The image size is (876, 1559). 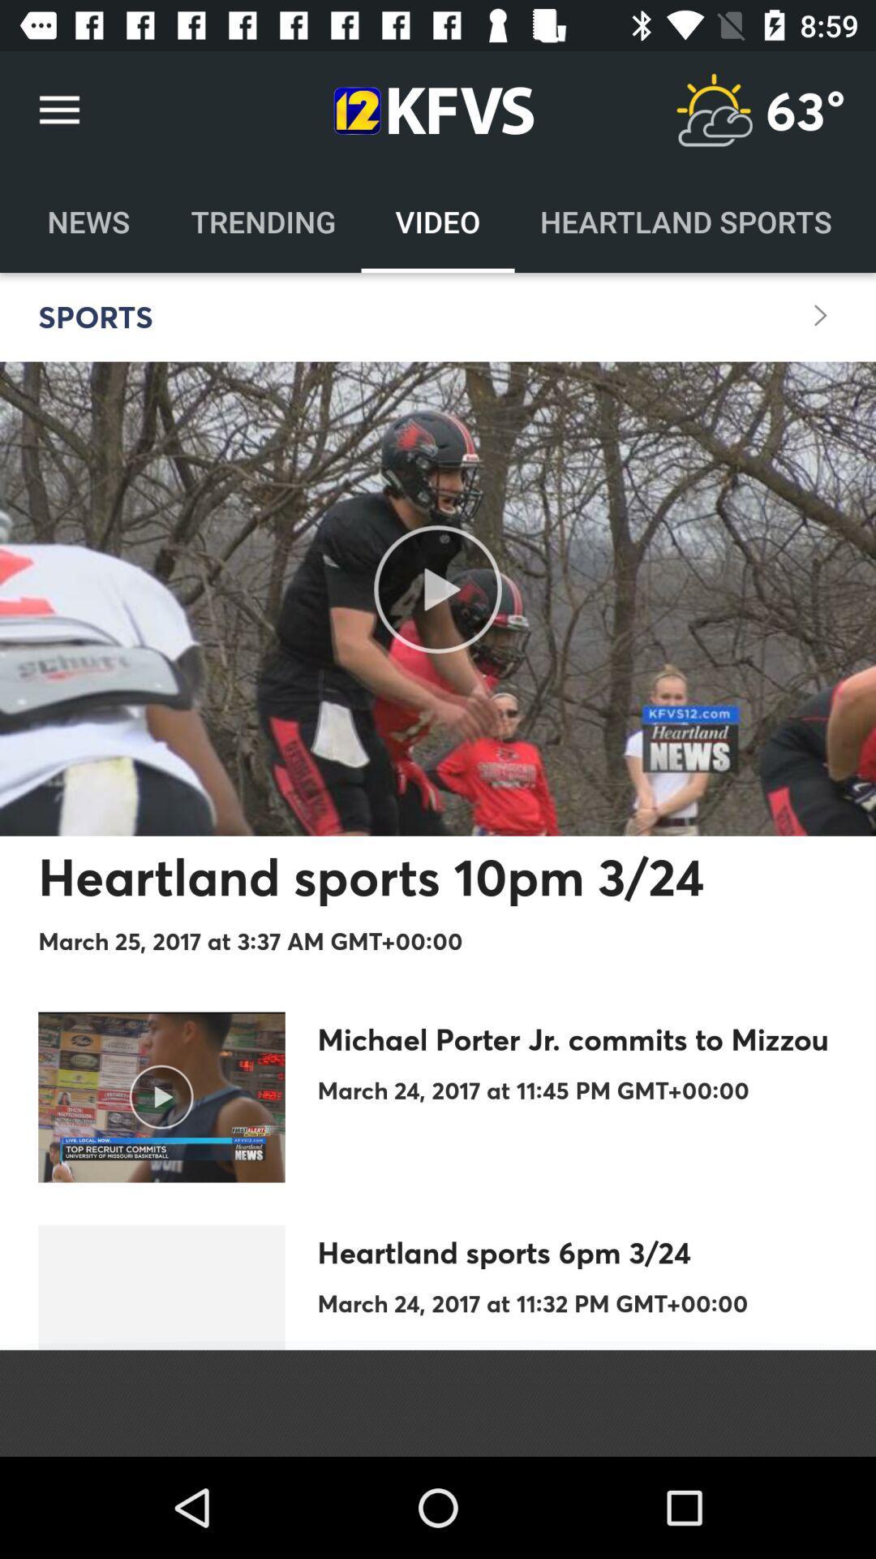 I want to click on the temperature icon at the top right corner of the page, so click(x=713, y=110).